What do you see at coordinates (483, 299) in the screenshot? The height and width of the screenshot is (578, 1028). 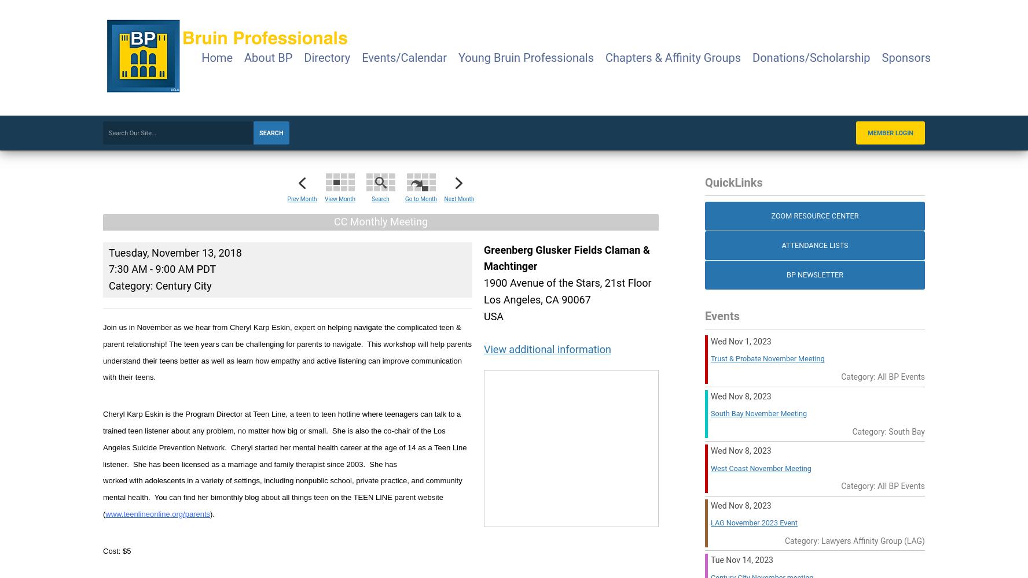 I see `'Los Angeles, CA 90067'` at bounding box center [483, 299].